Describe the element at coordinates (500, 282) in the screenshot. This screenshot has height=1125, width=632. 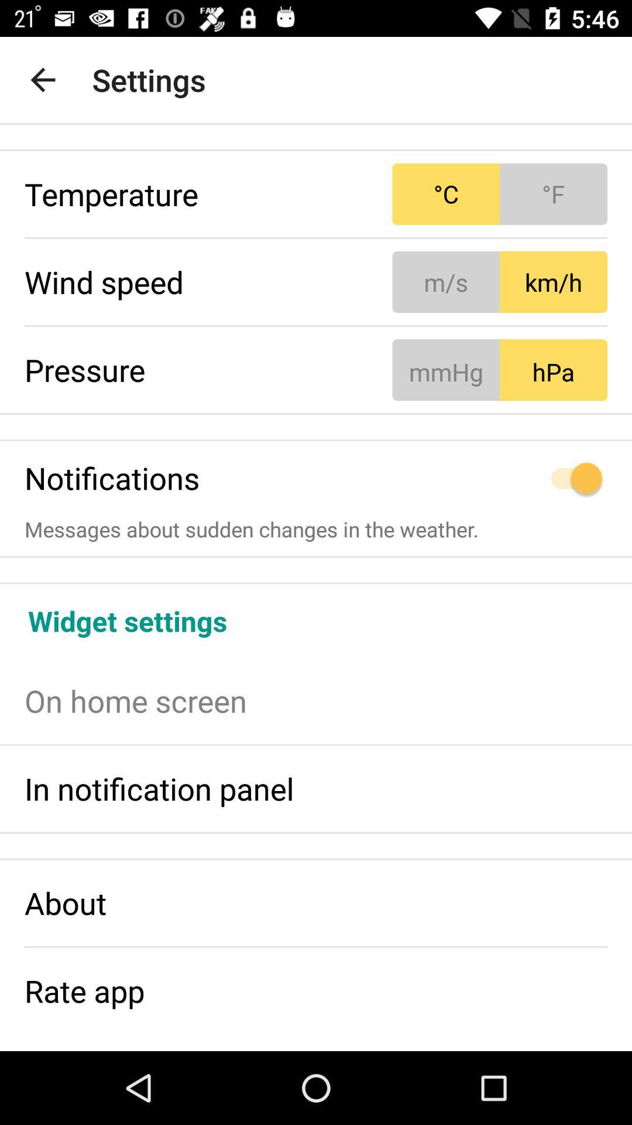
I see `item to the right of wind speed icon` at that location.